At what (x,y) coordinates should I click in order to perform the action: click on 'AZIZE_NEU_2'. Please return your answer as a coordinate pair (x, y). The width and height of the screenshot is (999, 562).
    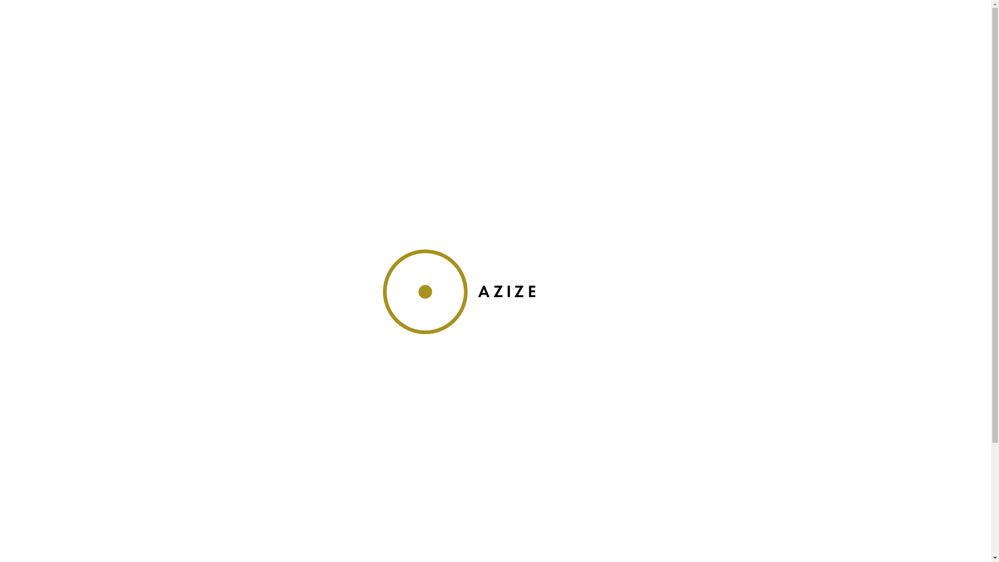
    Looking at the image, I should click on (495, 291).